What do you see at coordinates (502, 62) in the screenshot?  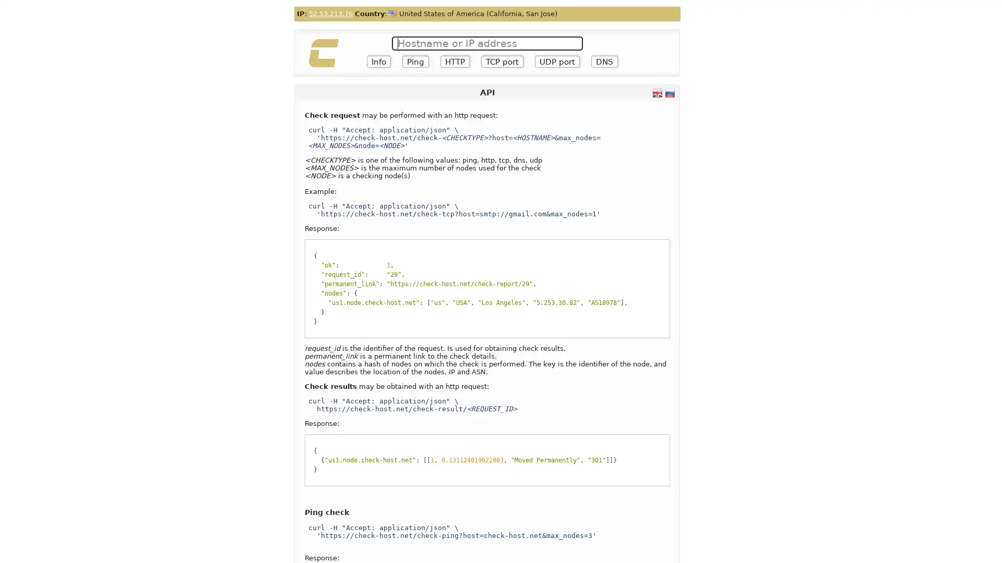 I see `TCP port` at bounding box center [502, 62].